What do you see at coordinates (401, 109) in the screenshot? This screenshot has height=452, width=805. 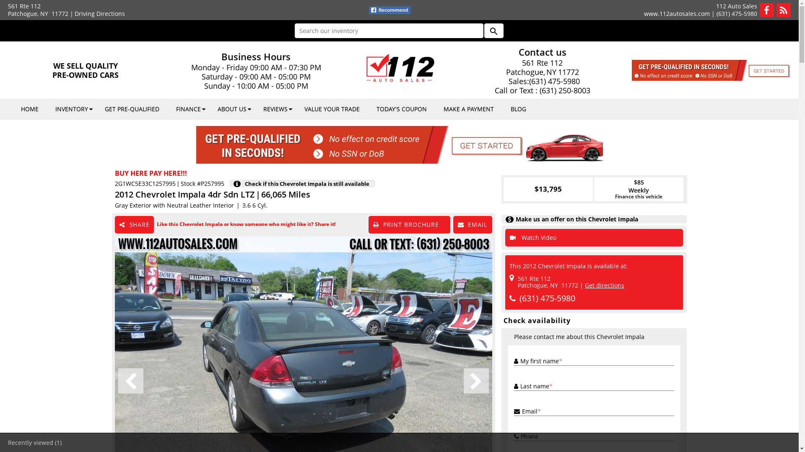 I see `'TODAY'S COUPON'` at bounding box center [401, 109].